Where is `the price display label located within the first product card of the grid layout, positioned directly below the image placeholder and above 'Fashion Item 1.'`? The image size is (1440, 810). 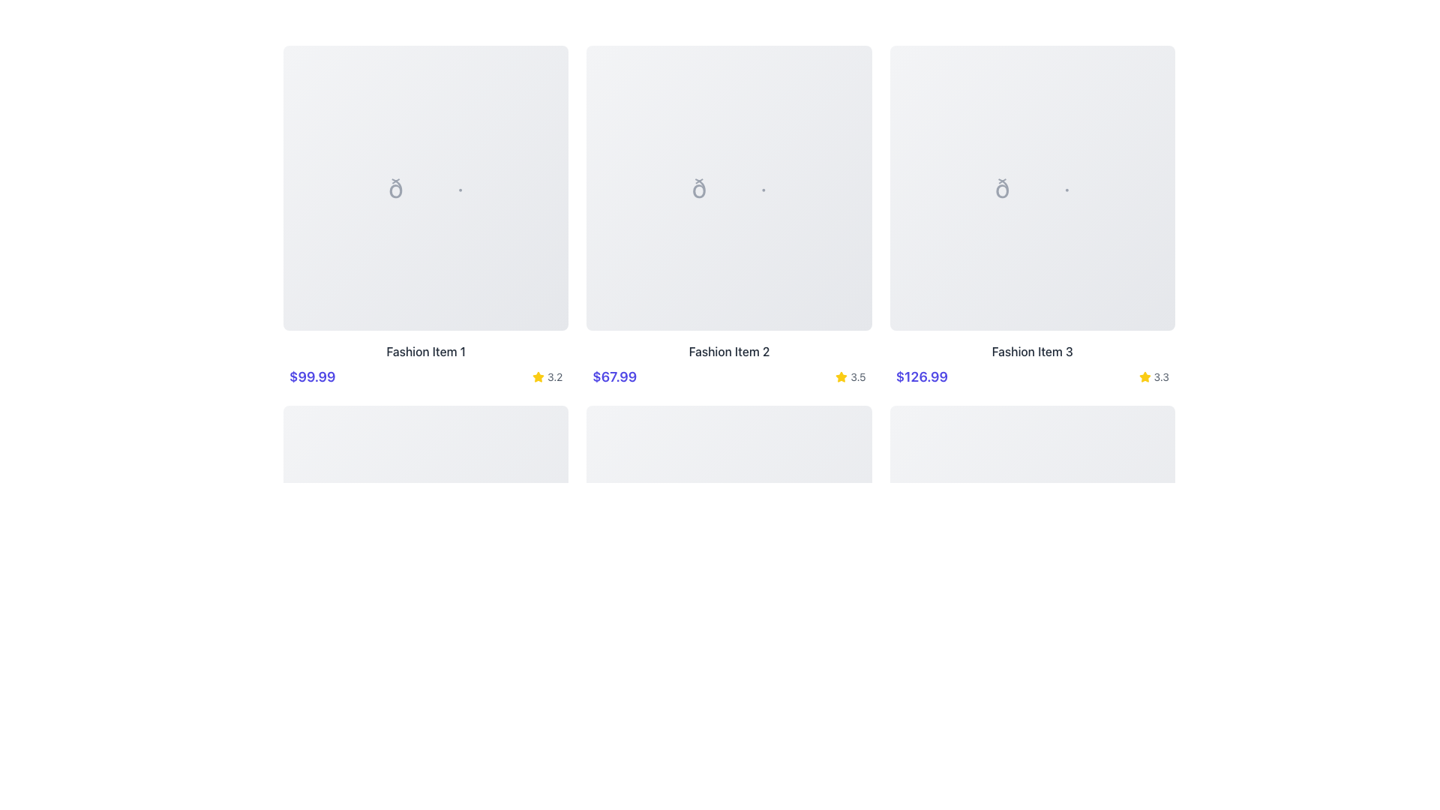
the price display label located within the first product card of the grid layout, positioned directly below the image placeholder and above 'Fashion Item 1.' is located at coordinates (311, 376).